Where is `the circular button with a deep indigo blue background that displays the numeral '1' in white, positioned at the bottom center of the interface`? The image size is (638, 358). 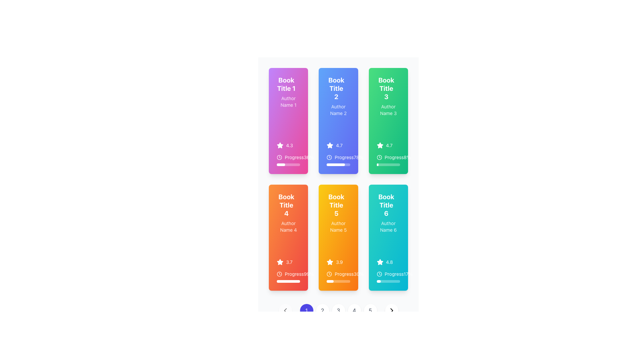
the circular button with a deep indigo blue background that displays the numeral '1' in white, positioned at the bottom center of the interface is located at coordinates (306, 311).